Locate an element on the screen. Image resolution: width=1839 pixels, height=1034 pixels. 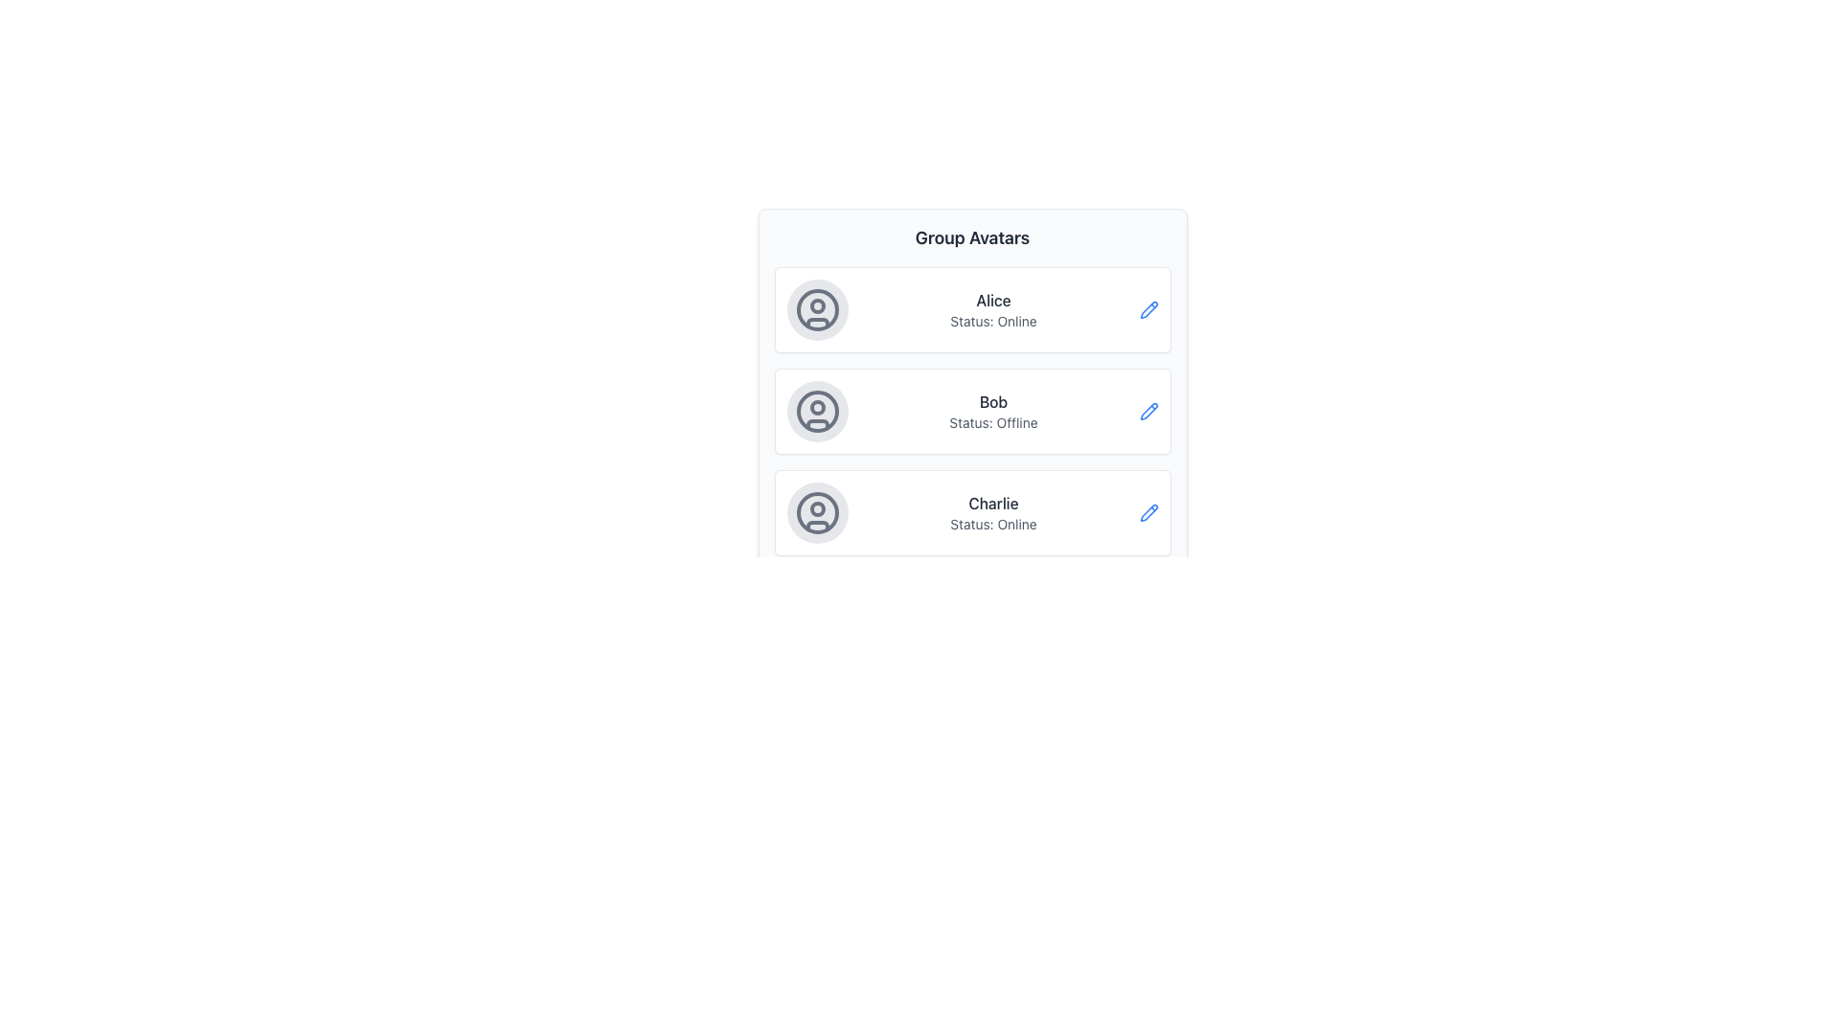
text content of the Text Label displaying 'Alice' in bold style, located at the top of the list within a contained card interface is located at coordinates (993, 300).